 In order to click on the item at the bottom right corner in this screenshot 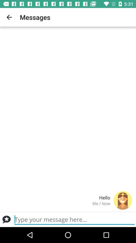, I will do `click(122, 200)`.